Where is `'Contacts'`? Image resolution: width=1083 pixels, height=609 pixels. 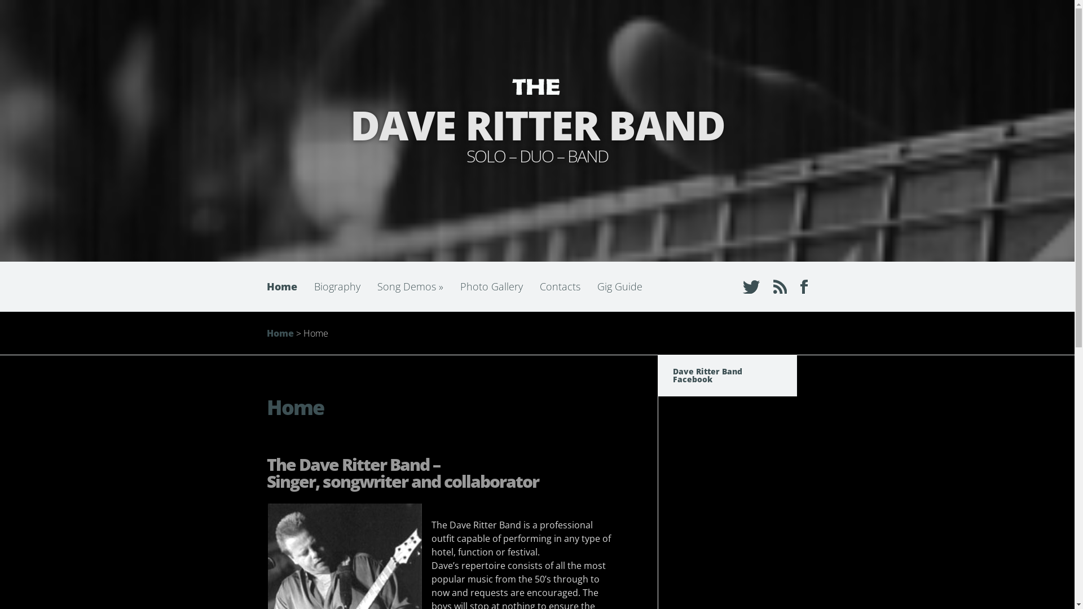 'Contacts' is located at coordinates (560, 286).